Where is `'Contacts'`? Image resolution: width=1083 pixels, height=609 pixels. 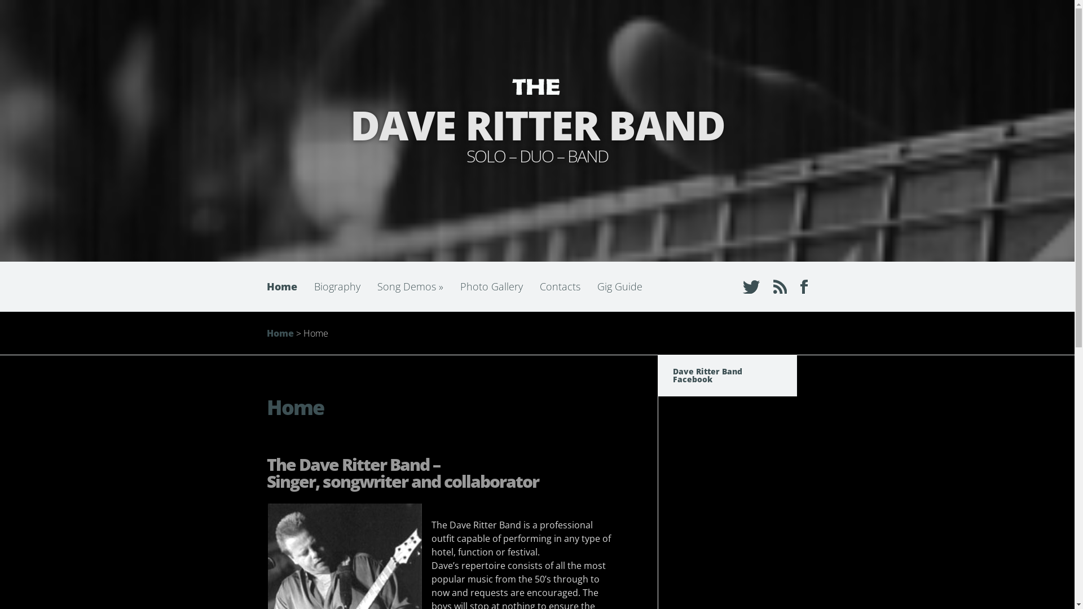 'Contacts' is located at coordinates (560, 286).